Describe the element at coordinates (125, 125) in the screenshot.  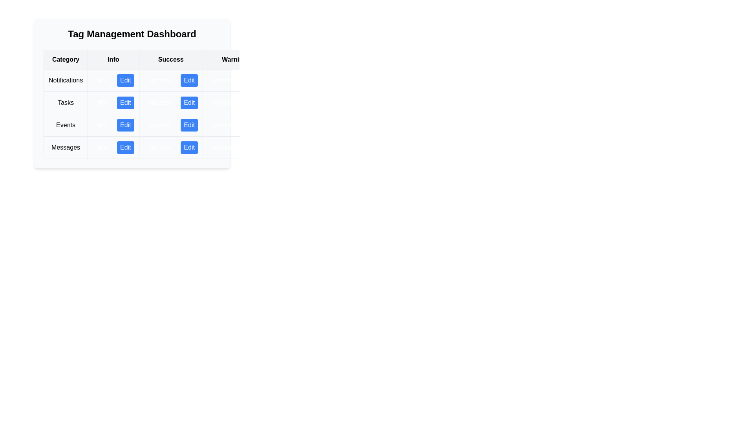
I see `the edit button located in the 'Events' row under the 'Info' column of the Tag Management Dashboard to initiate editing` at that location.